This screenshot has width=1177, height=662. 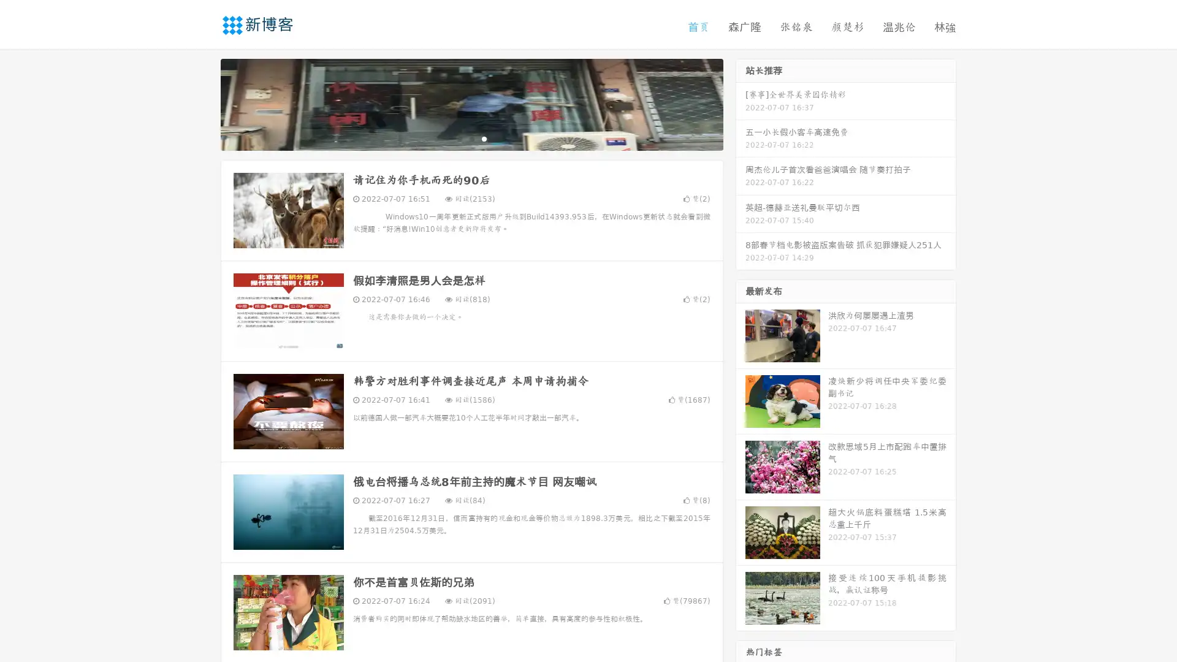 I want to click on Go to slide 2, so click(x=471, y=138).